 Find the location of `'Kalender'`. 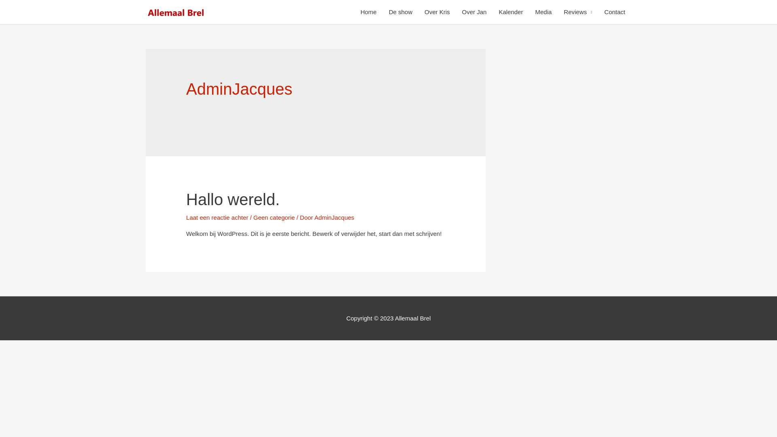

'Kalender' is located at coordinates (510, 12).